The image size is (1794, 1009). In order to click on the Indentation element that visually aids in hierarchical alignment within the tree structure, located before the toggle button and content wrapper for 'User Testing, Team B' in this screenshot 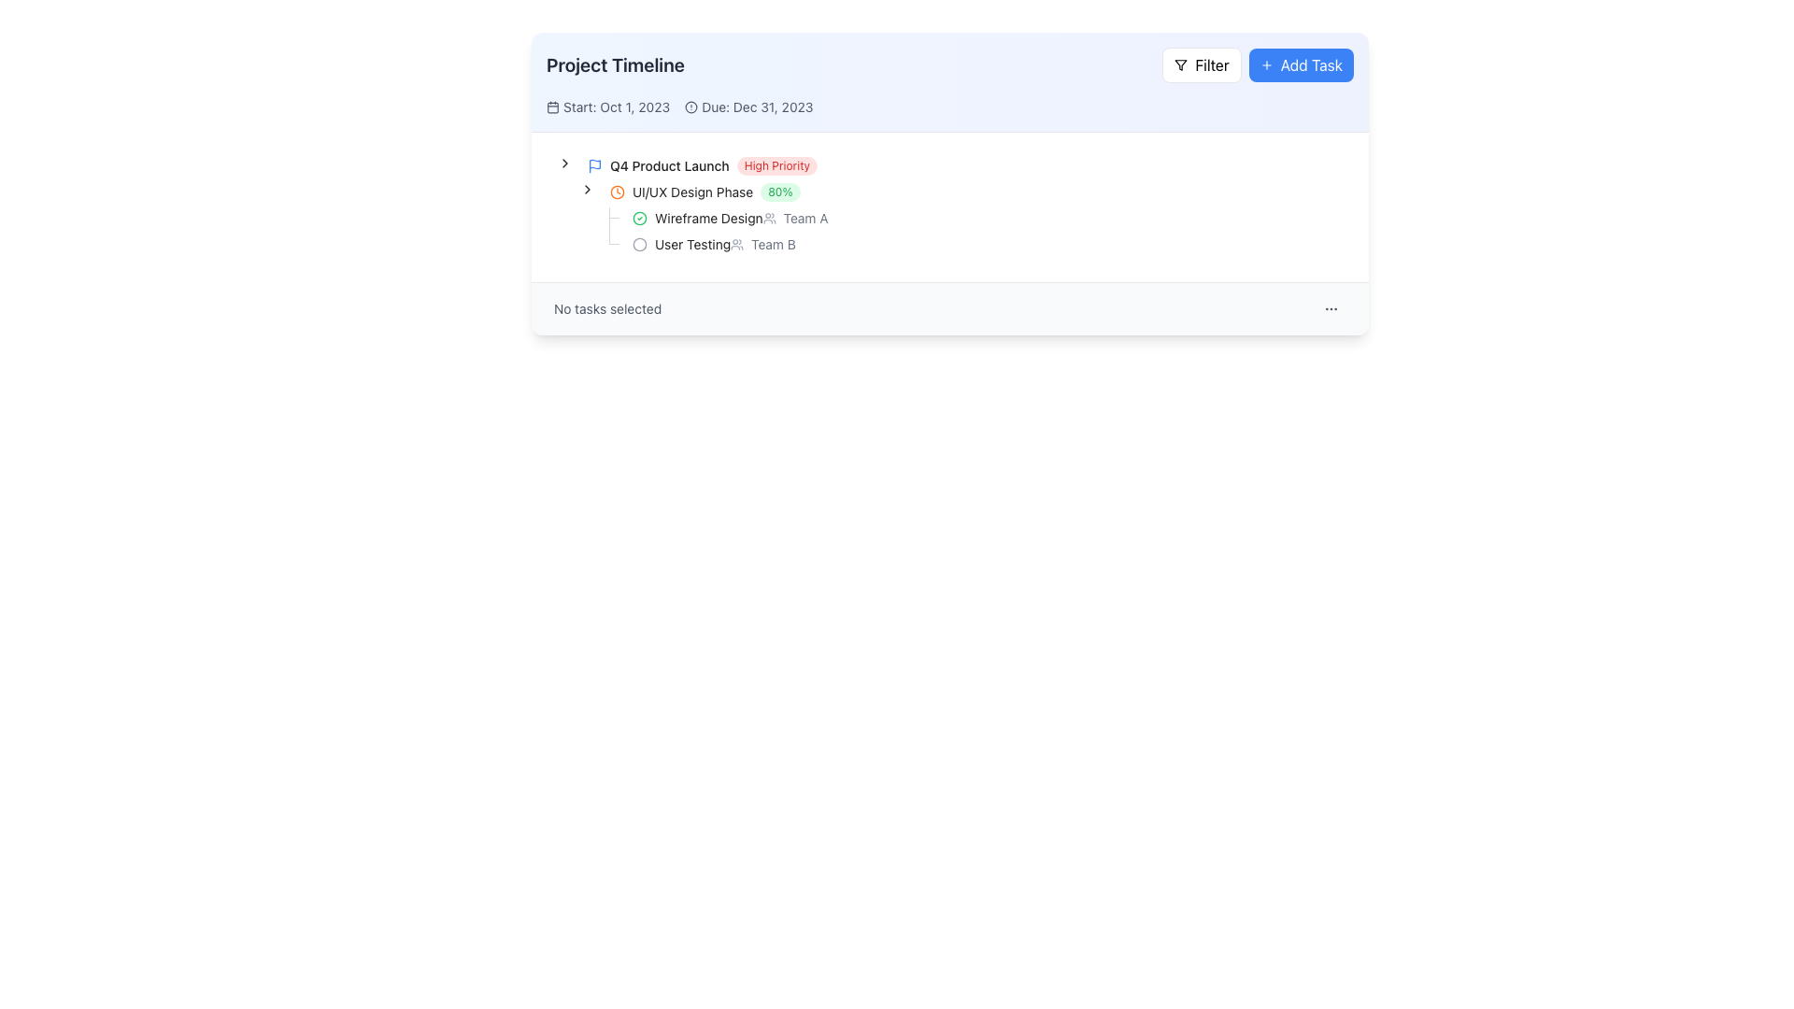, I will do `click(576, 244)`.